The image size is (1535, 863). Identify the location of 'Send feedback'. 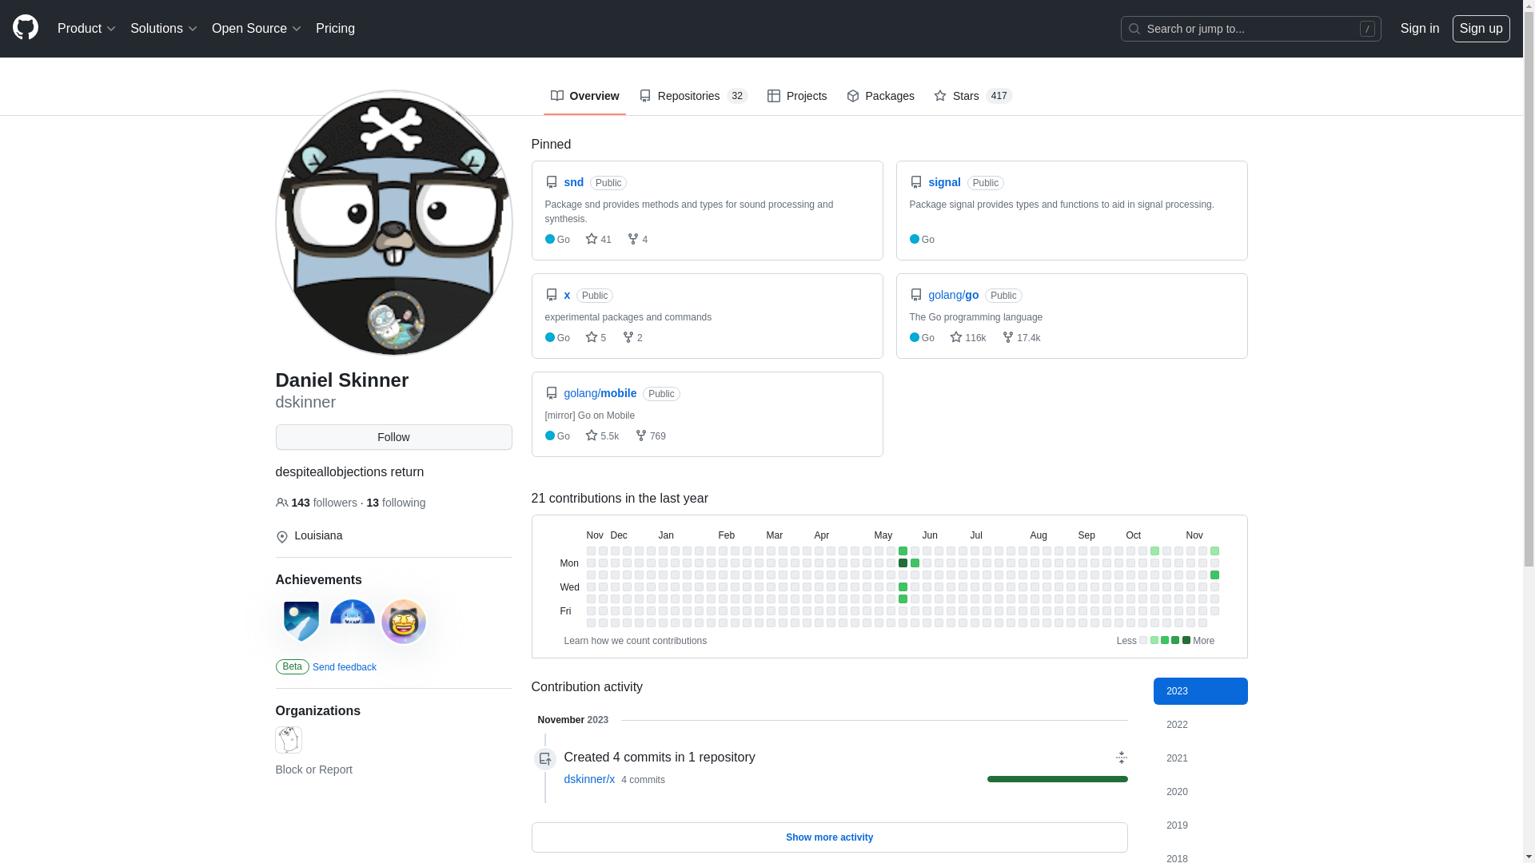
(344, 666).